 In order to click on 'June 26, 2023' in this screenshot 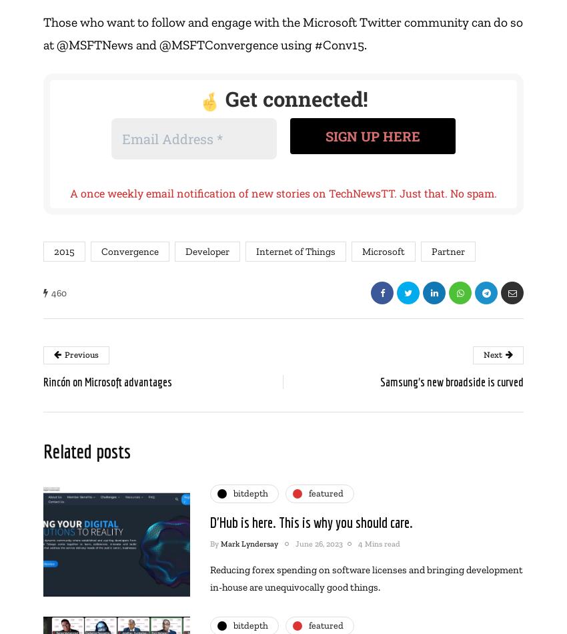, I will do `click(319, 543)`.